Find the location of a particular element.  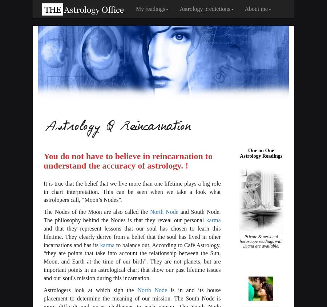

'It is true that the belief that we live more than one lifetime plays a big role in chart interpretation. This can be seen when we take a look what astrologers call, “Moon’s Nodes”.' is located at coordinates (43, 191).